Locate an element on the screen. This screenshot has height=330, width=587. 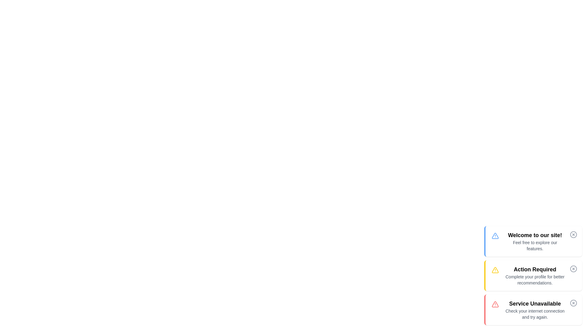
the close icon (circle with a cross) to dismiss the 'Service Unavailable' message is located at coordinates (573, 303).